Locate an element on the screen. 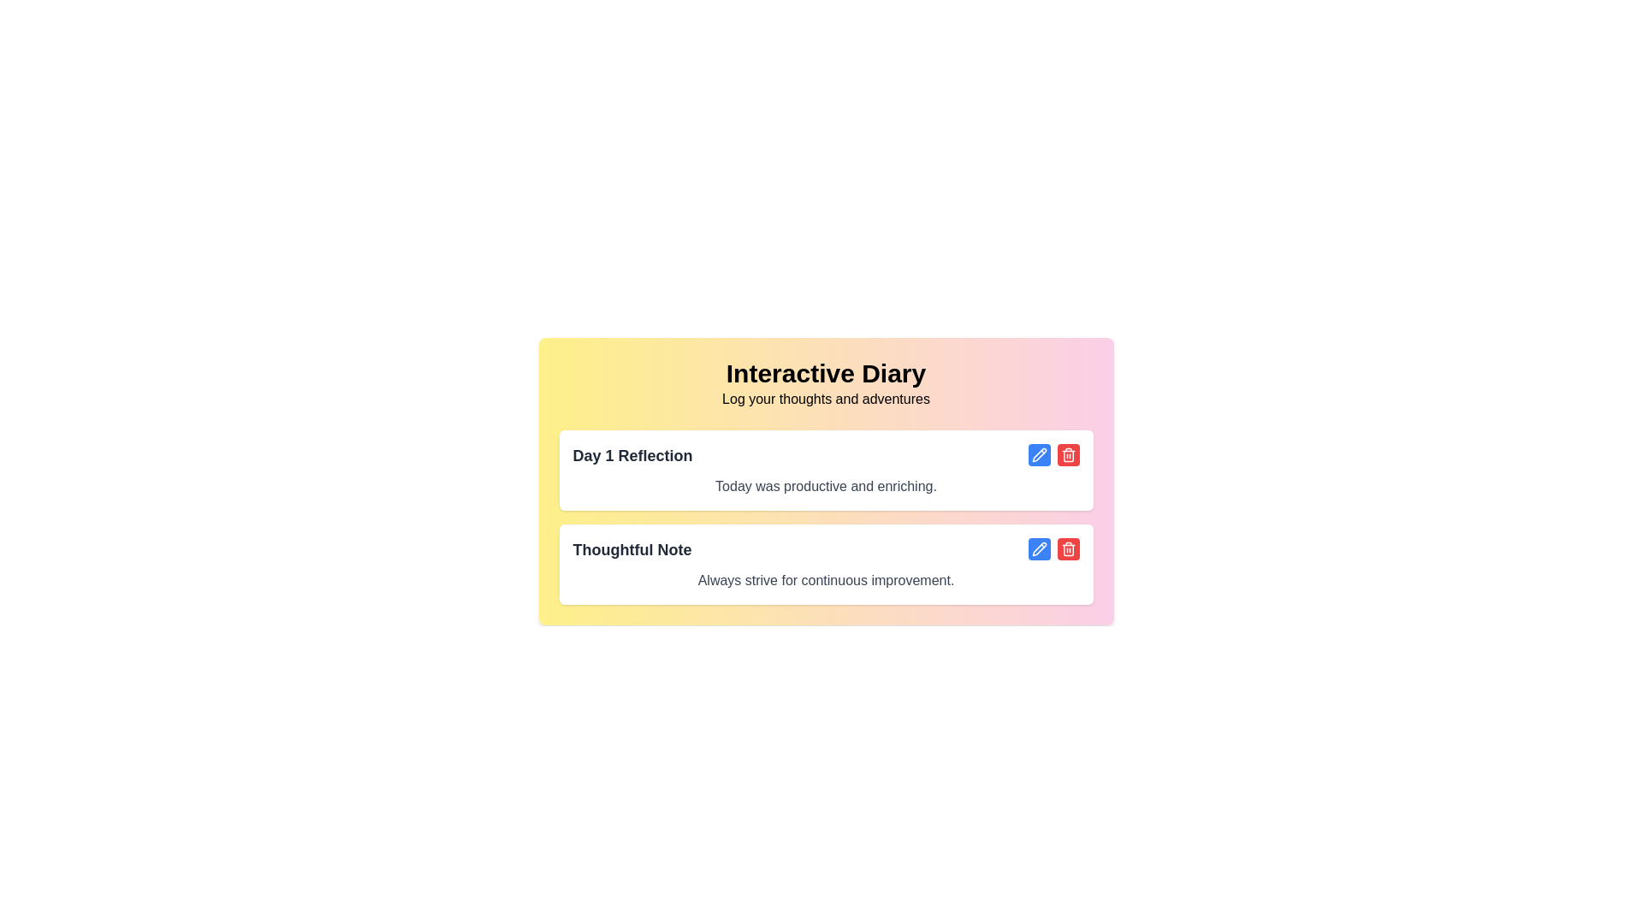  the blue button with a white pencil icon located in the 'Thoughtful Note' section is located at coordinates (1038, 548).